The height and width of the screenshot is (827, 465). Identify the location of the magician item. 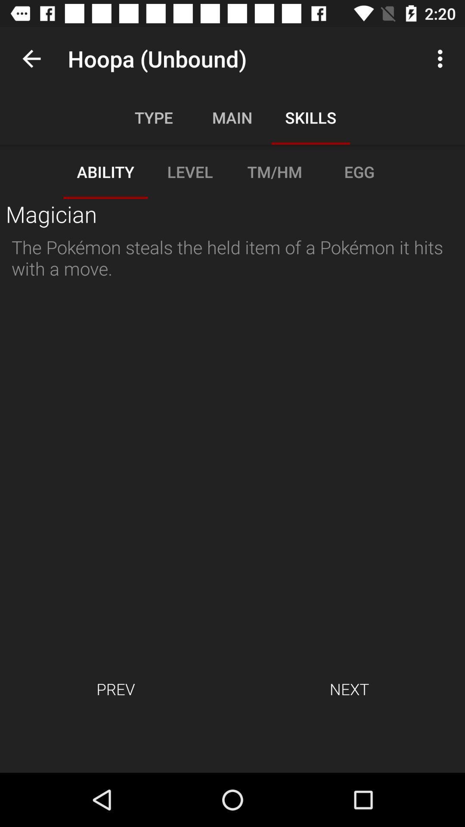
(51, 214).